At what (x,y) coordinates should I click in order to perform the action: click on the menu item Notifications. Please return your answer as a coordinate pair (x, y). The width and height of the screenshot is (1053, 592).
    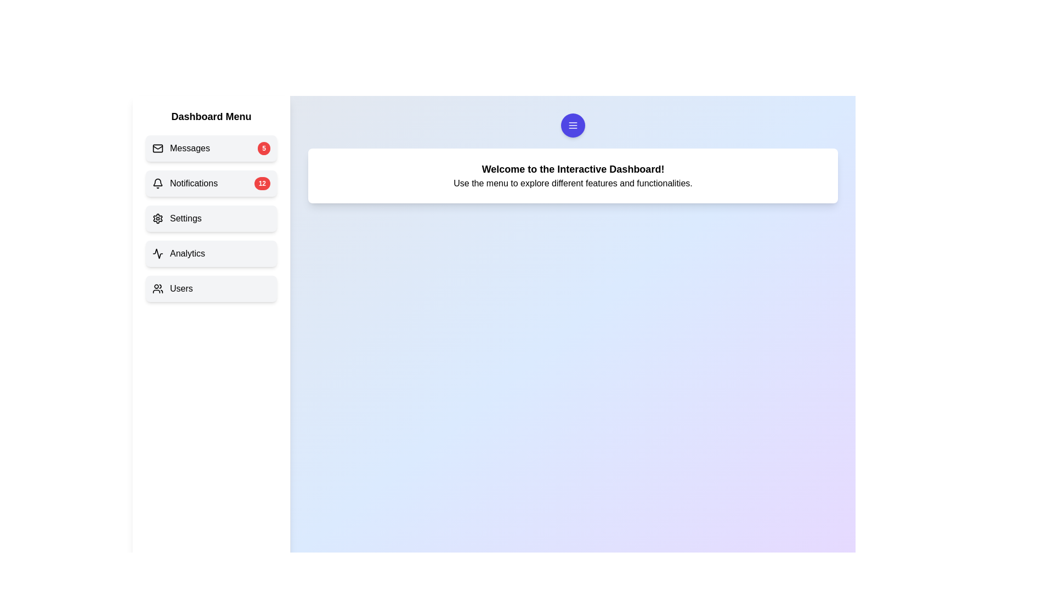
    Looking at the image, I should click on (211, 183).